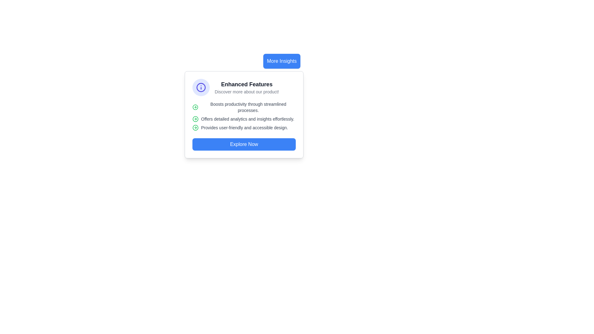 Image resolution: width=594 pixels, height=334 pixels. I want to click on the hollow green circular SVG graphic located within the circular arrow icon to the left of the 'Enhanced Features' card, so click(195, 127).